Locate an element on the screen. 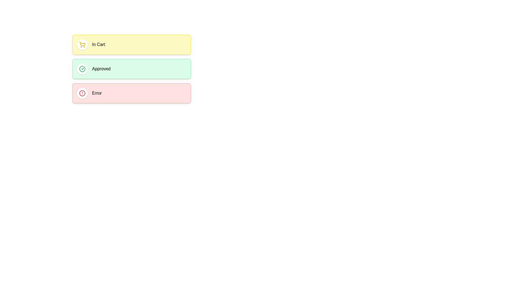 The width and height of the screenshot is (520, 292). the Notification box, which is a rectangular box with rounded corners, a red border, a pale red background, and contains the text label 'Error' with an alert icon, located at the specified coordinates is located at coordinates (131, 93).